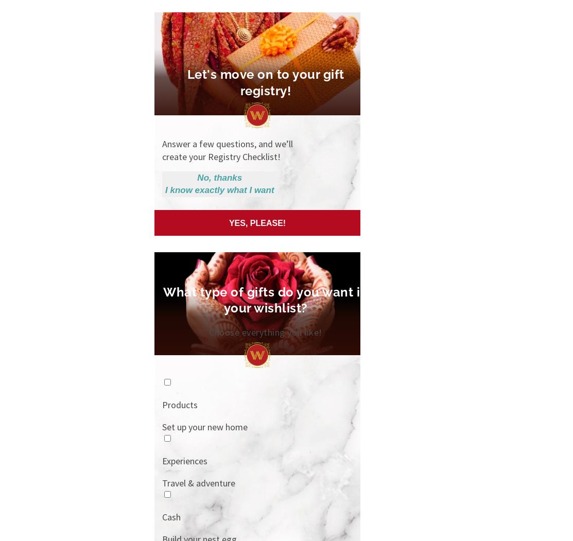 The height and width of the screenshot is (541, 573). Describe the element at coordinates (265, 331) in the screenshot. I see `'Choose everything you like!'` at that location.